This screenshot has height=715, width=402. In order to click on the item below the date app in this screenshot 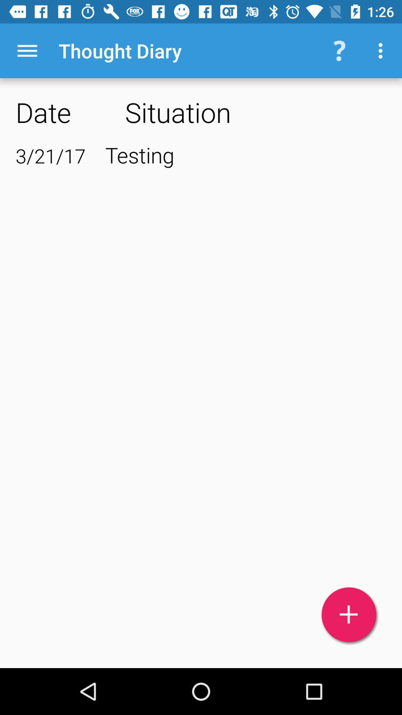, I will do `click(50, 155)`.